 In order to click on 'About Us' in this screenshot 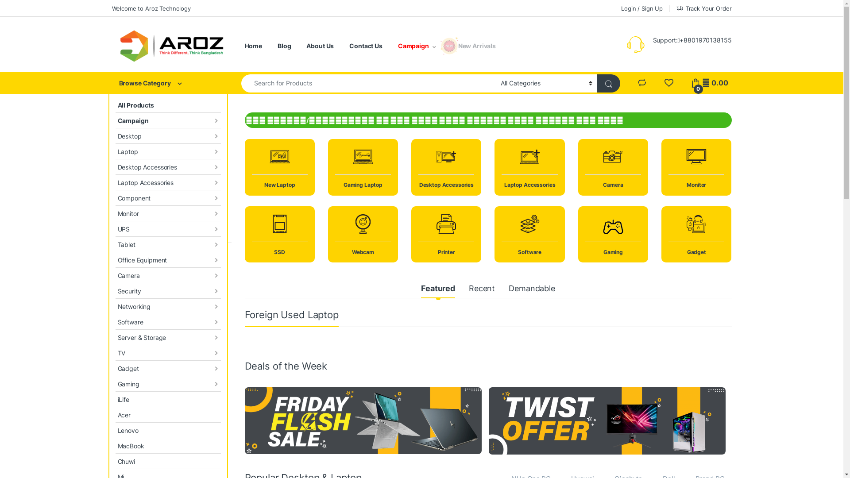, I will do `click(320, 46)`.